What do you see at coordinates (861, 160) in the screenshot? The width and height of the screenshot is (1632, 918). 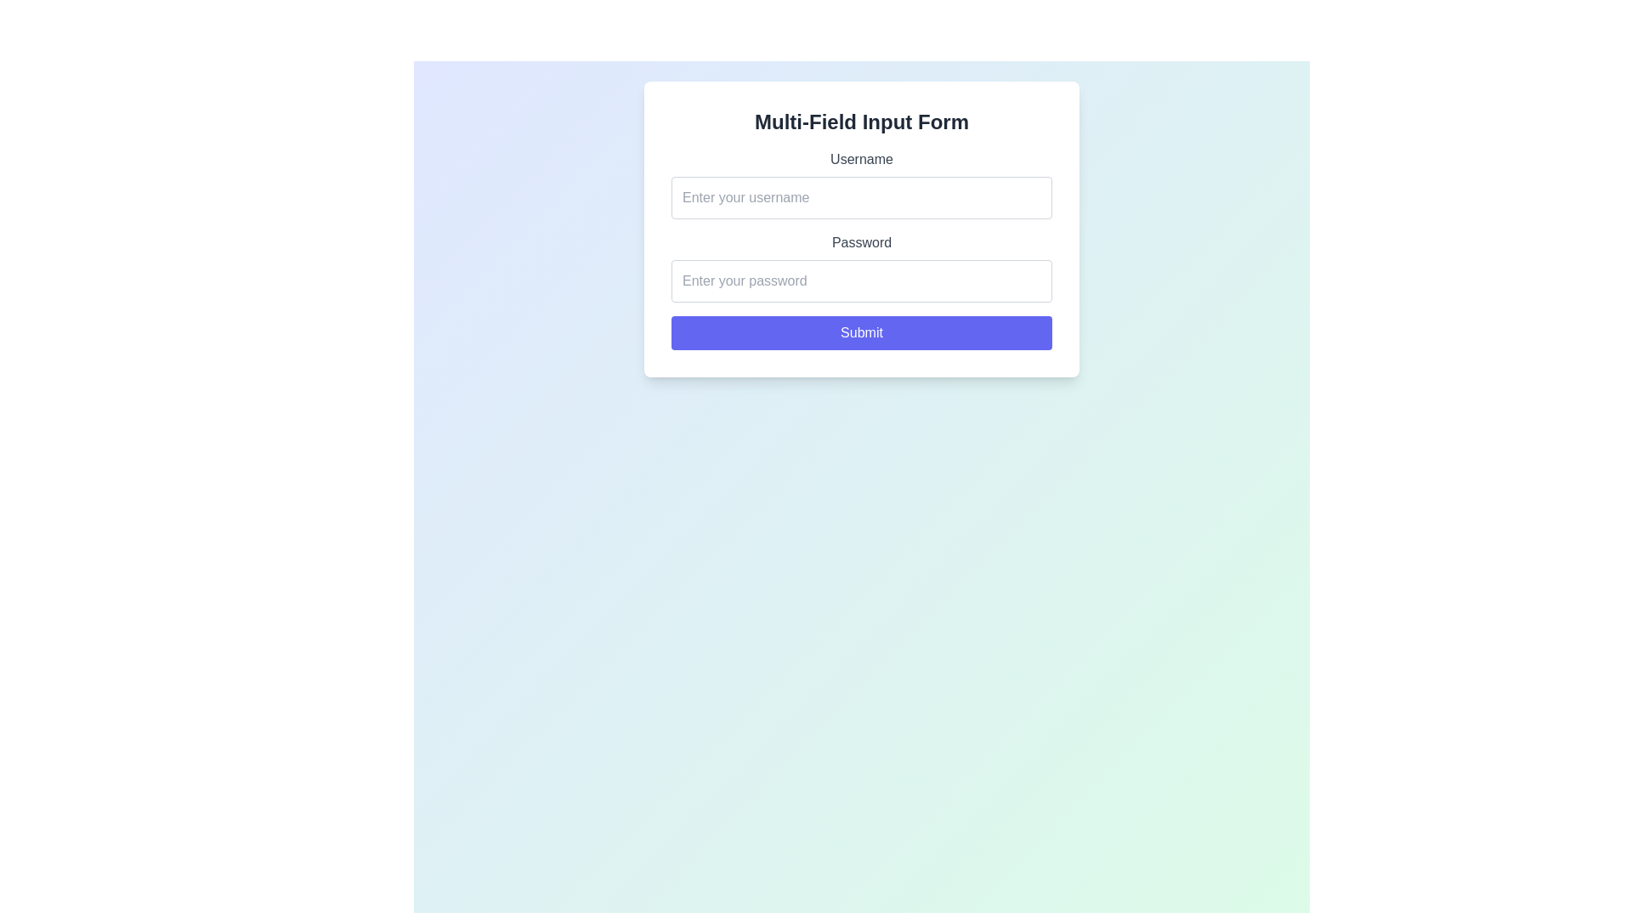 I see `the 'Username' label which is located above the username input box in the form` at bounding box center [861, 160].